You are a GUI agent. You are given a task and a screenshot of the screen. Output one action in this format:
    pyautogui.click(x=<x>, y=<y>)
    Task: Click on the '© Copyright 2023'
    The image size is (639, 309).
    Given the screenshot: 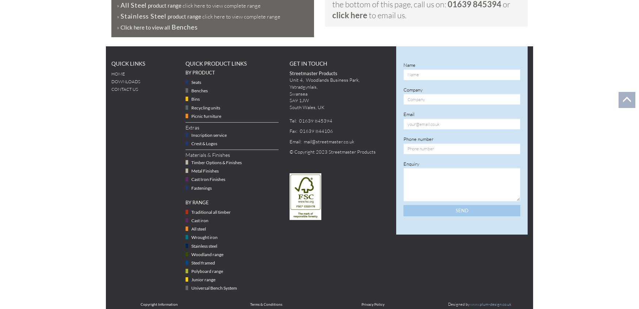 What is the action you would take?
    pyautogui.click(x=309, y=151)
    